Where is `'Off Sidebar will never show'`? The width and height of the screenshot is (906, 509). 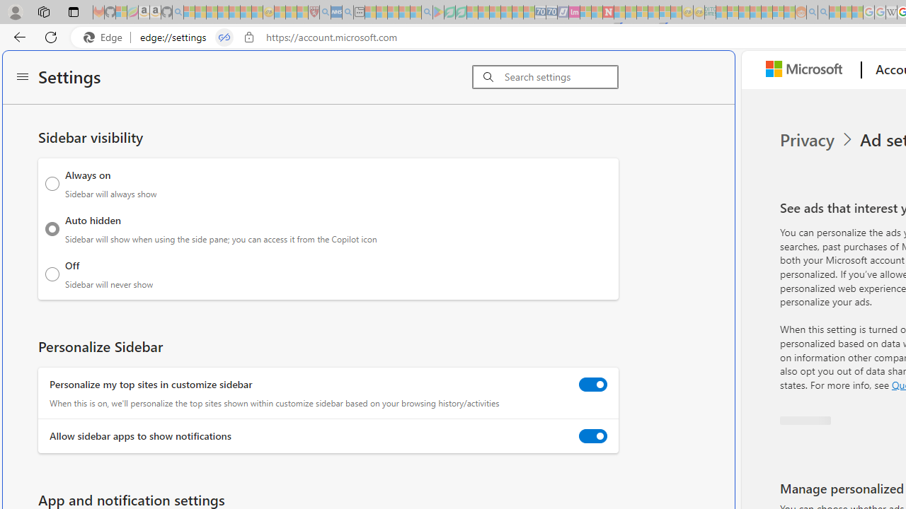
'Off Sidebar will never show' is located at coordinates (52, 274).